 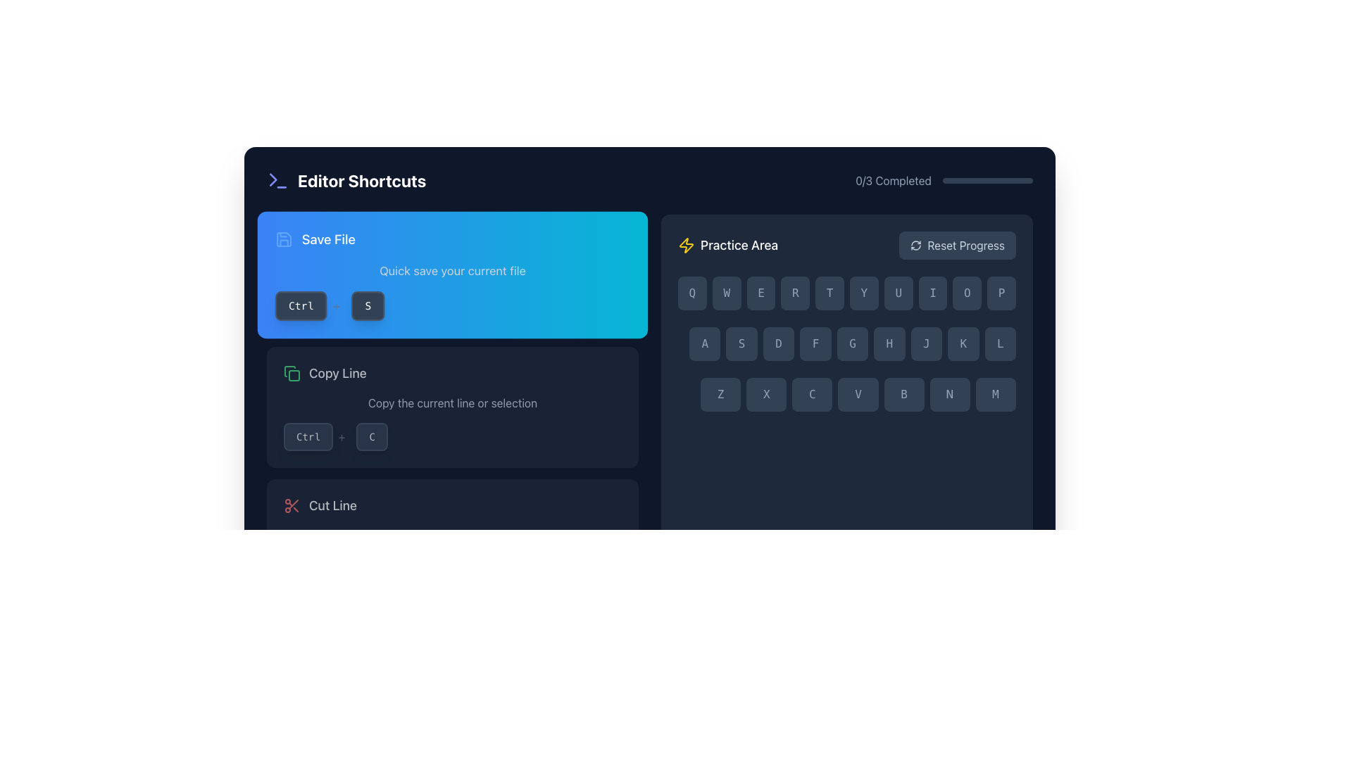 I want to click on the third key in the second row of the practice keyboard area, so click(x=778, y=344).